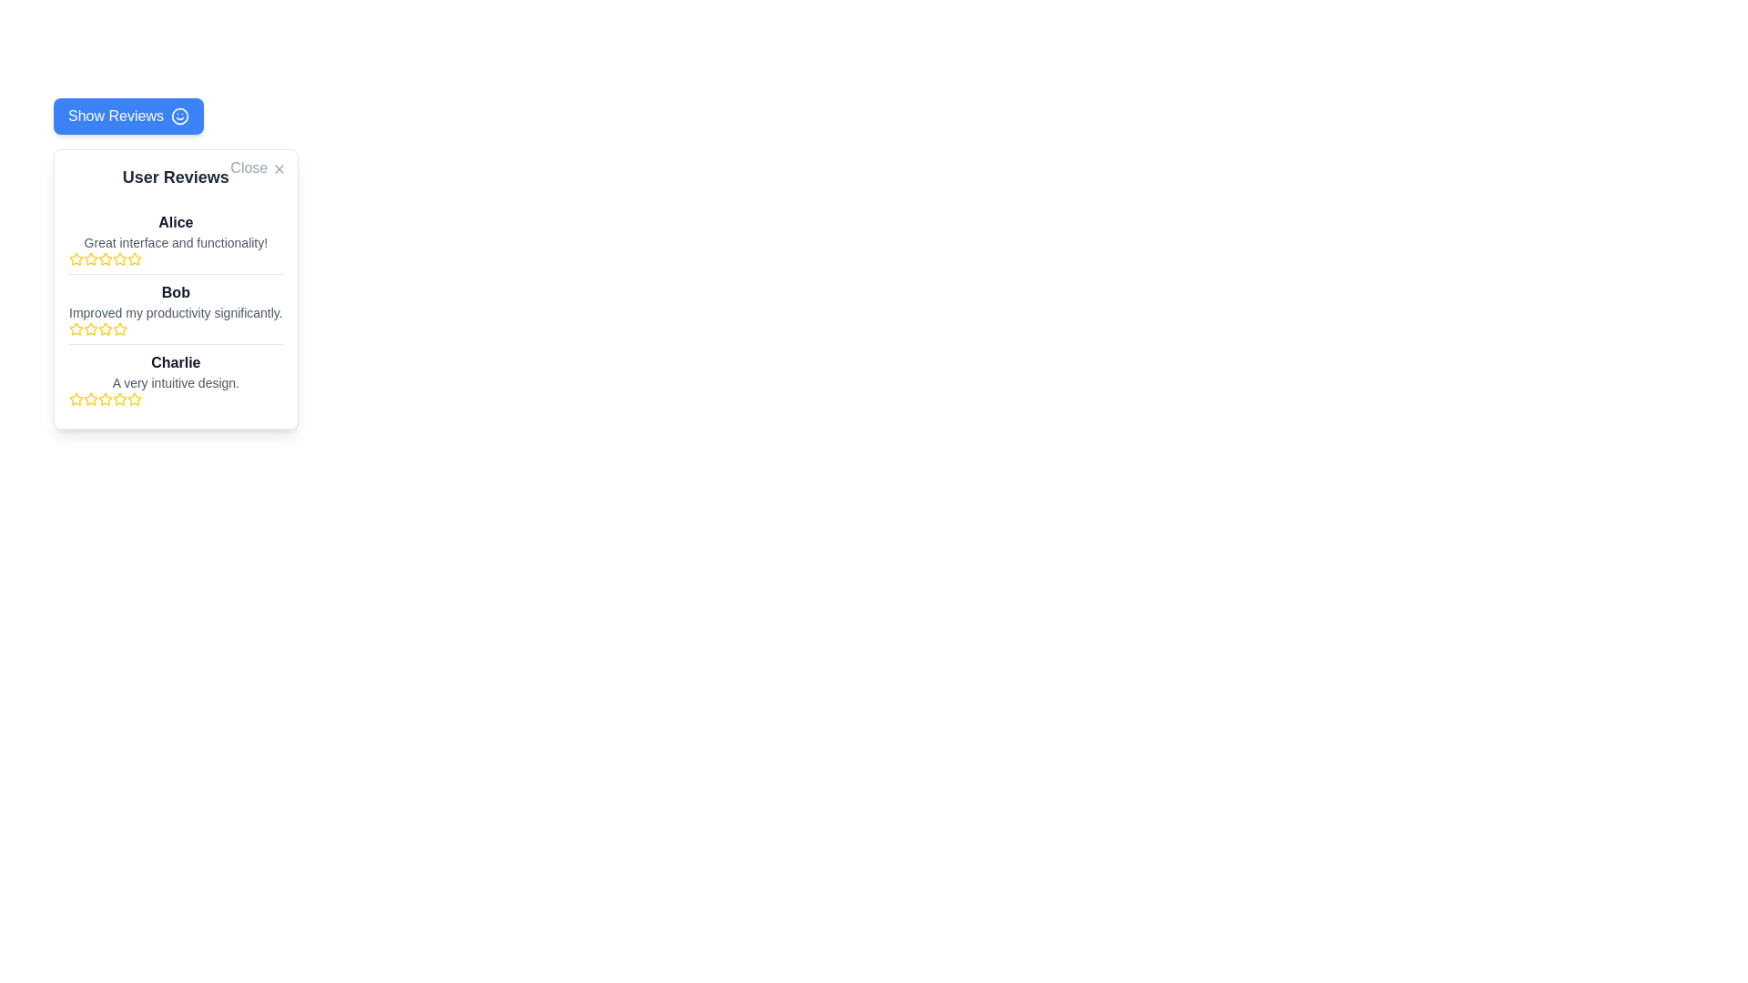  What do you see at coordinates (75, 329) in the screenshot?
I see `the second star icon filled with golden yellow` at bounding box center [75, 329].